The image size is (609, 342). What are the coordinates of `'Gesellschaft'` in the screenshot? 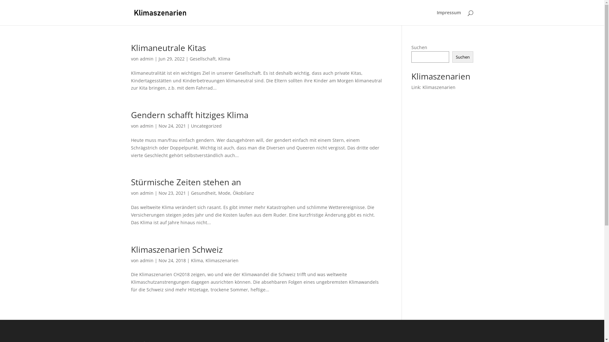 It's located at (202, 59).